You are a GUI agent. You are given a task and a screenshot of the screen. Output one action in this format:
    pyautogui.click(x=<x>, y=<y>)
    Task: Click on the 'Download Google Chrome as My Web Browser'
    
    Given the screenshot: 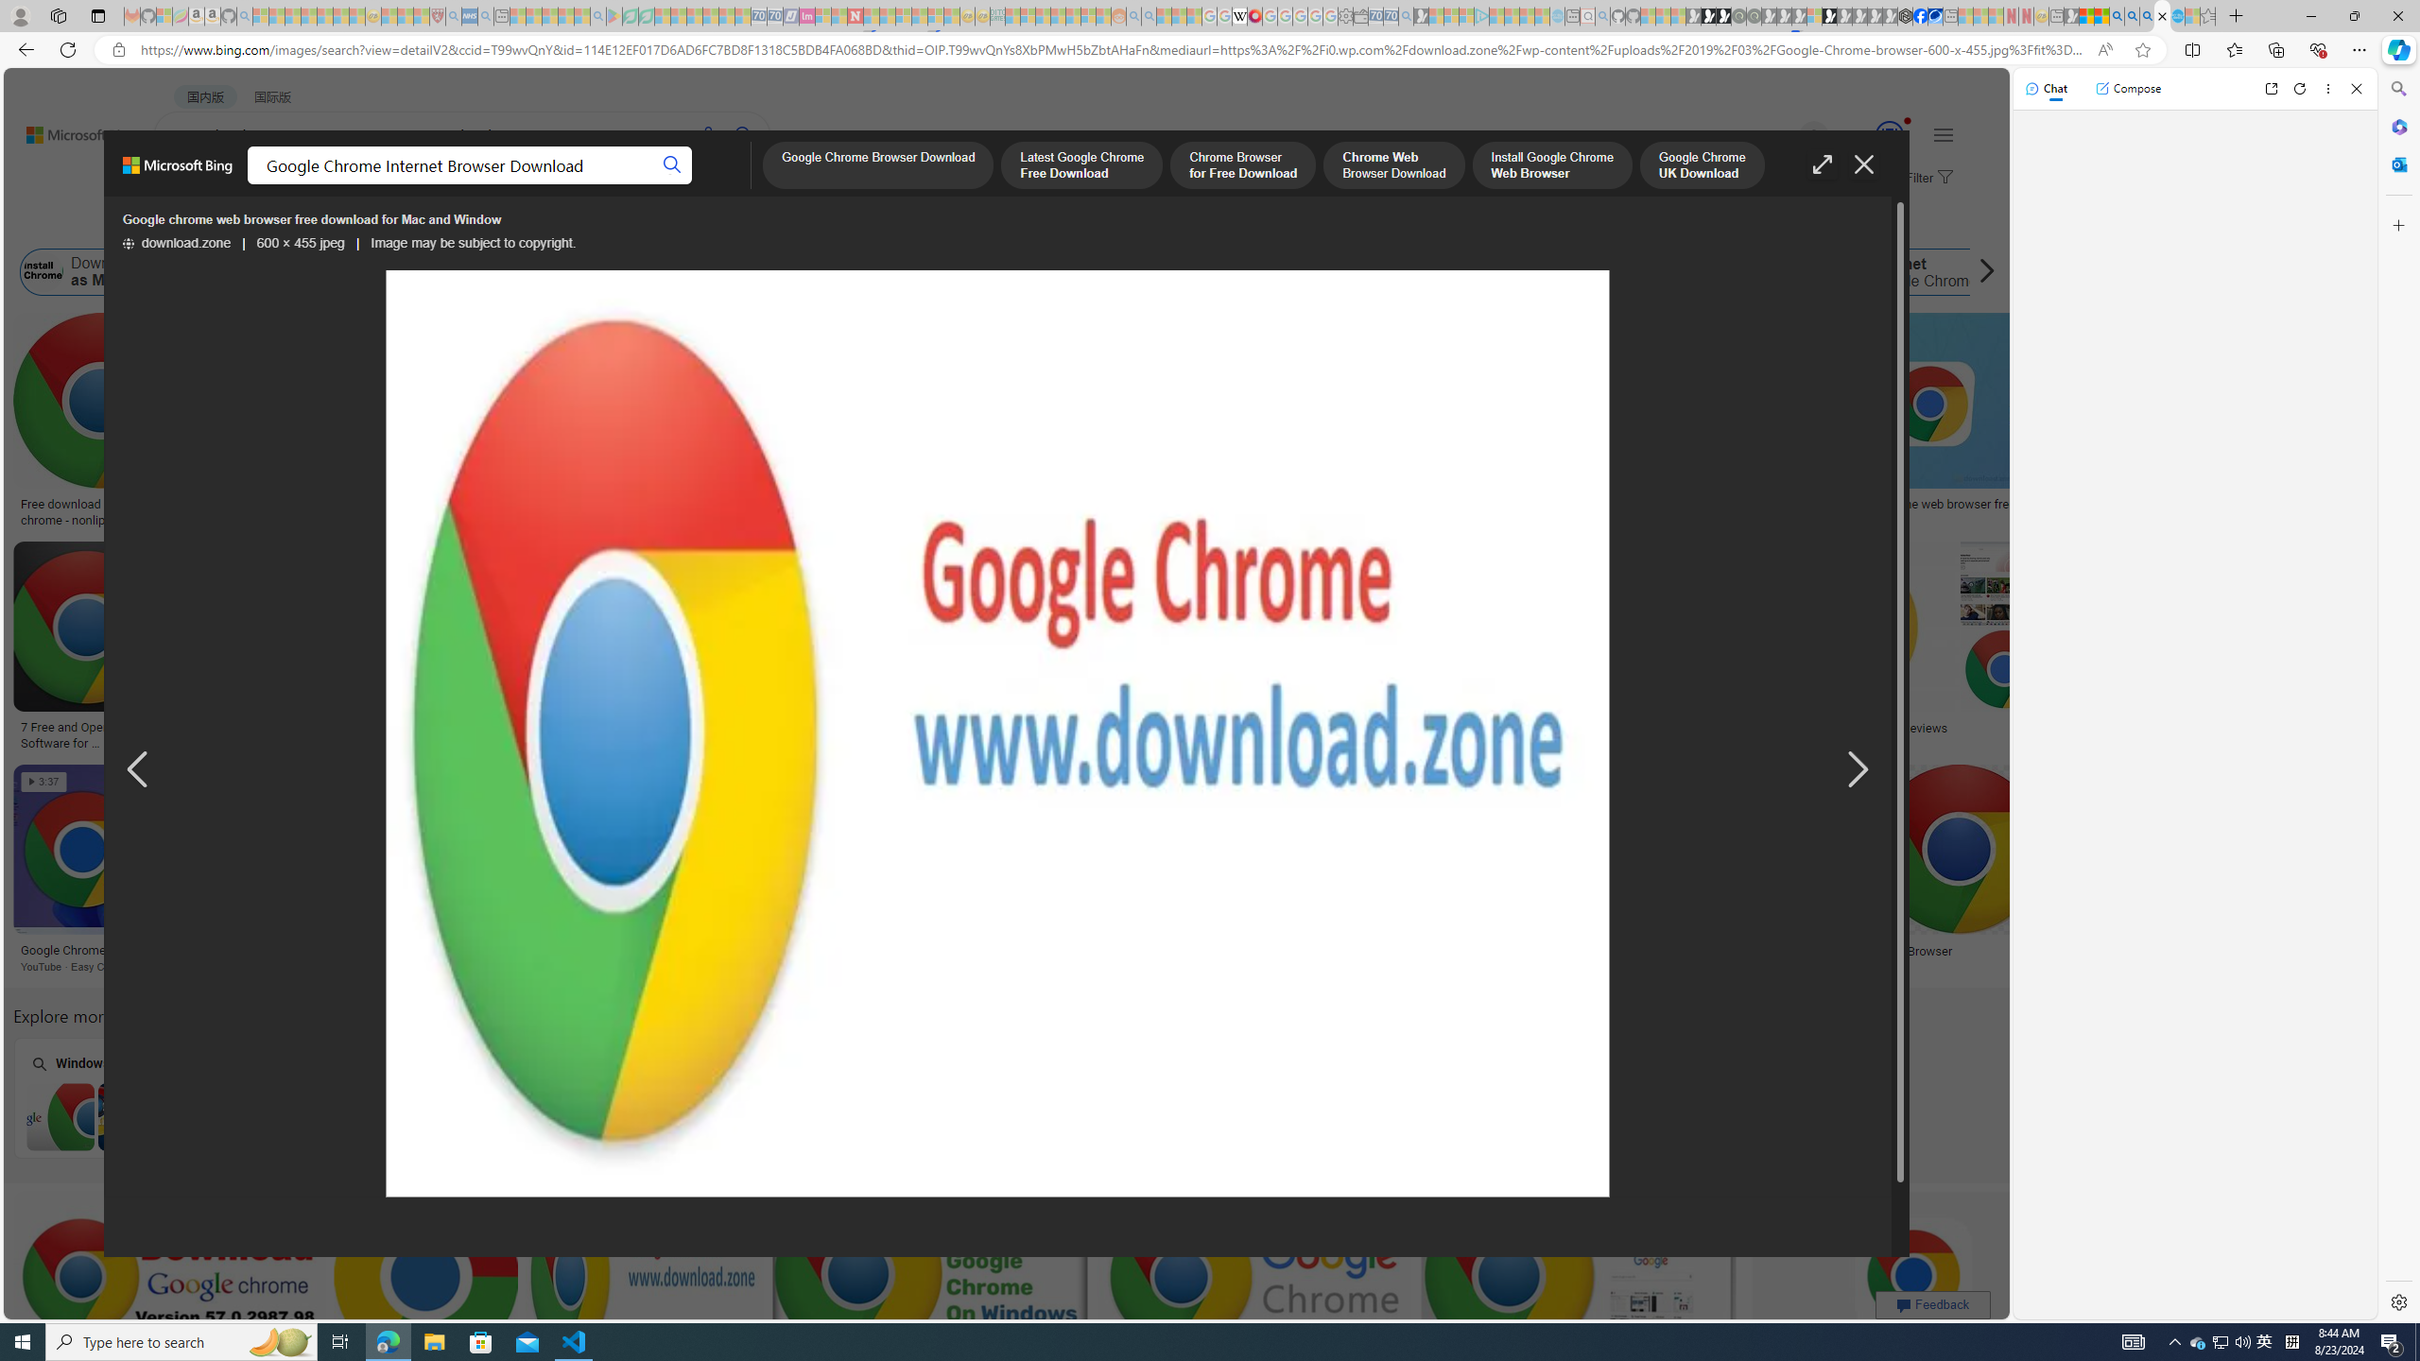 What is the action you would take?
    pyautogui.click(x=43, y=271)
    